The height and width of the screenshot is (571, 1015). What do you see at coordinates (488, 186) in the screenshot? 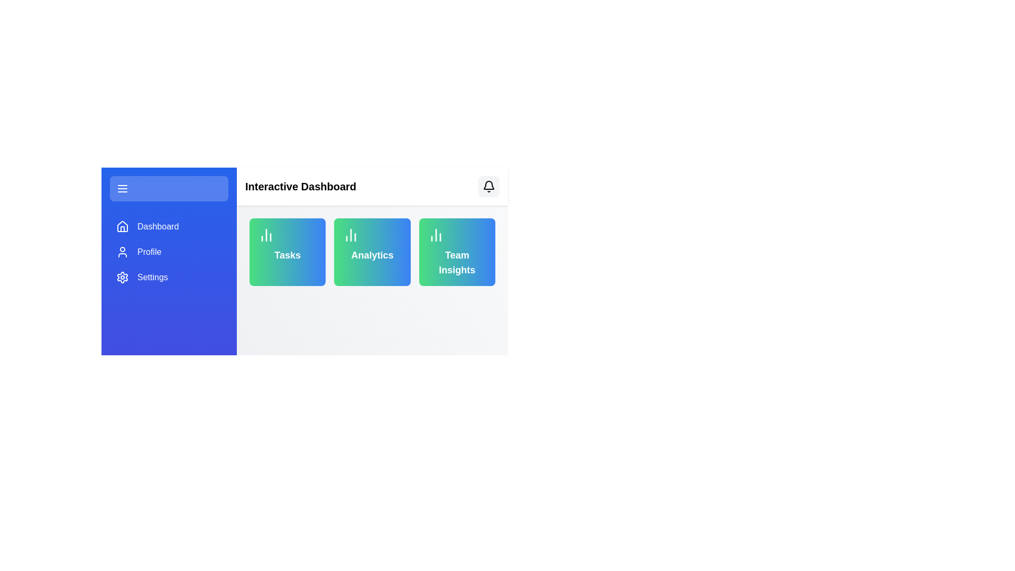
I see `the notification bell icon located in the top-right corner of the dashboard header section` at bounding box center [488, 186].